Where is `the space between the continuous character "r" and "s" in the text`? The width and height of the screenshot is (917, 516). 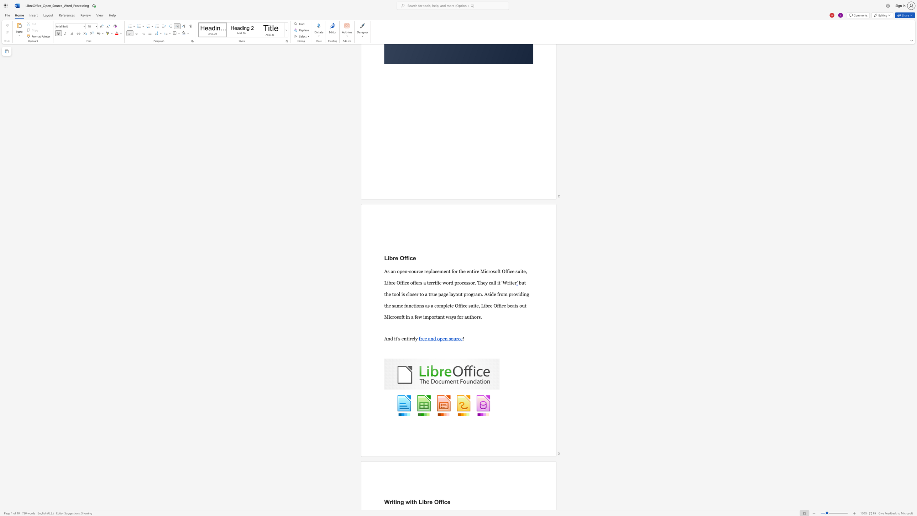
the space between the continuous character "r" and "s" in the text is located at coordinates (420, 282).